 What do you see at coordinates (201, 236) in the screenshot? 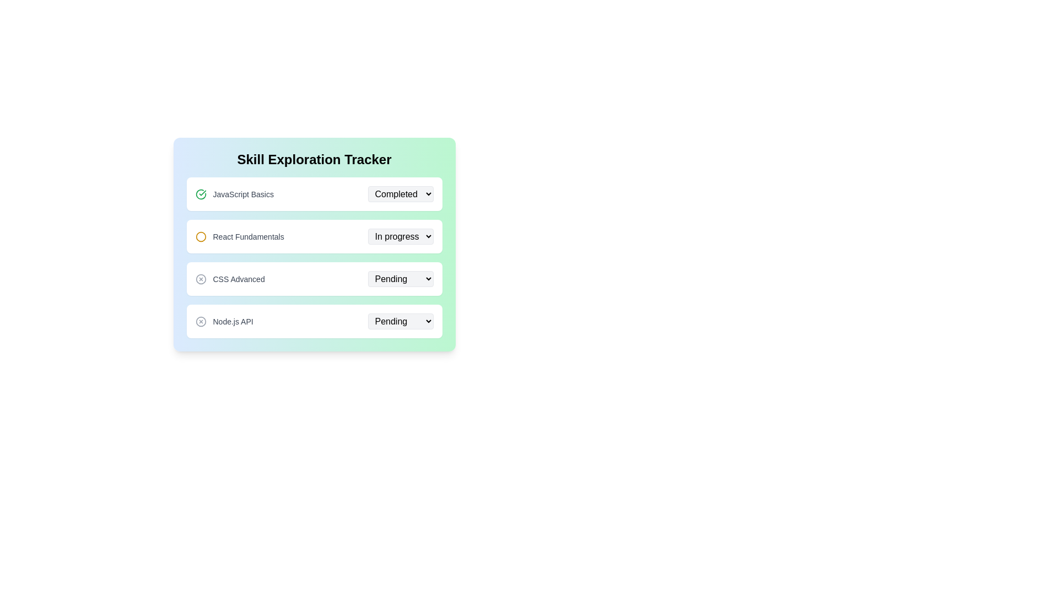
I see `the yellowish circular Status indicator located to the left of the text 'React Fundamentals' in the grid-like structure` at bounding box center [201, 236].